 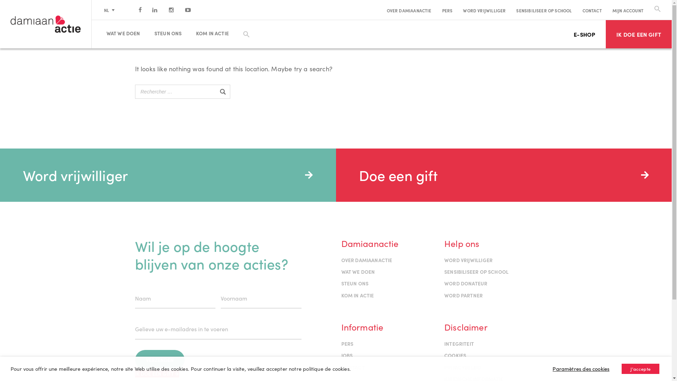 What do you see at coordinates (109, 10) in the screenshot?
I see `'NL'` at bounding box center [109, 10].